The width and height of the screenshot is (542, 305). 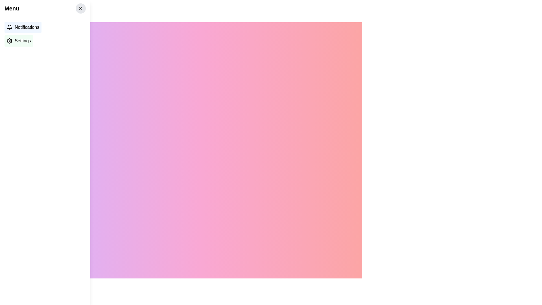 I want to click on the title text element that serves as the heading for the navigation menu, located in the top-left corner of the horizontal navigation bar, so click(x=12, y=8).